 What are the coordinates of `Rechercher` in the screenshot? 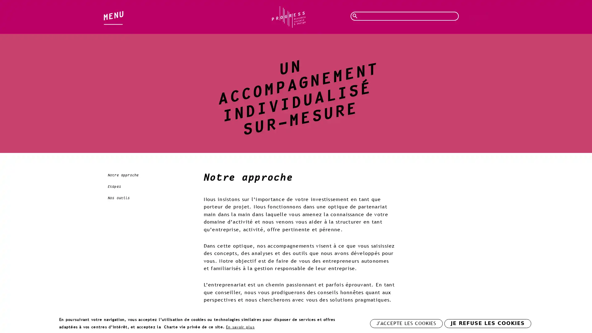 It's located at (455, 16).